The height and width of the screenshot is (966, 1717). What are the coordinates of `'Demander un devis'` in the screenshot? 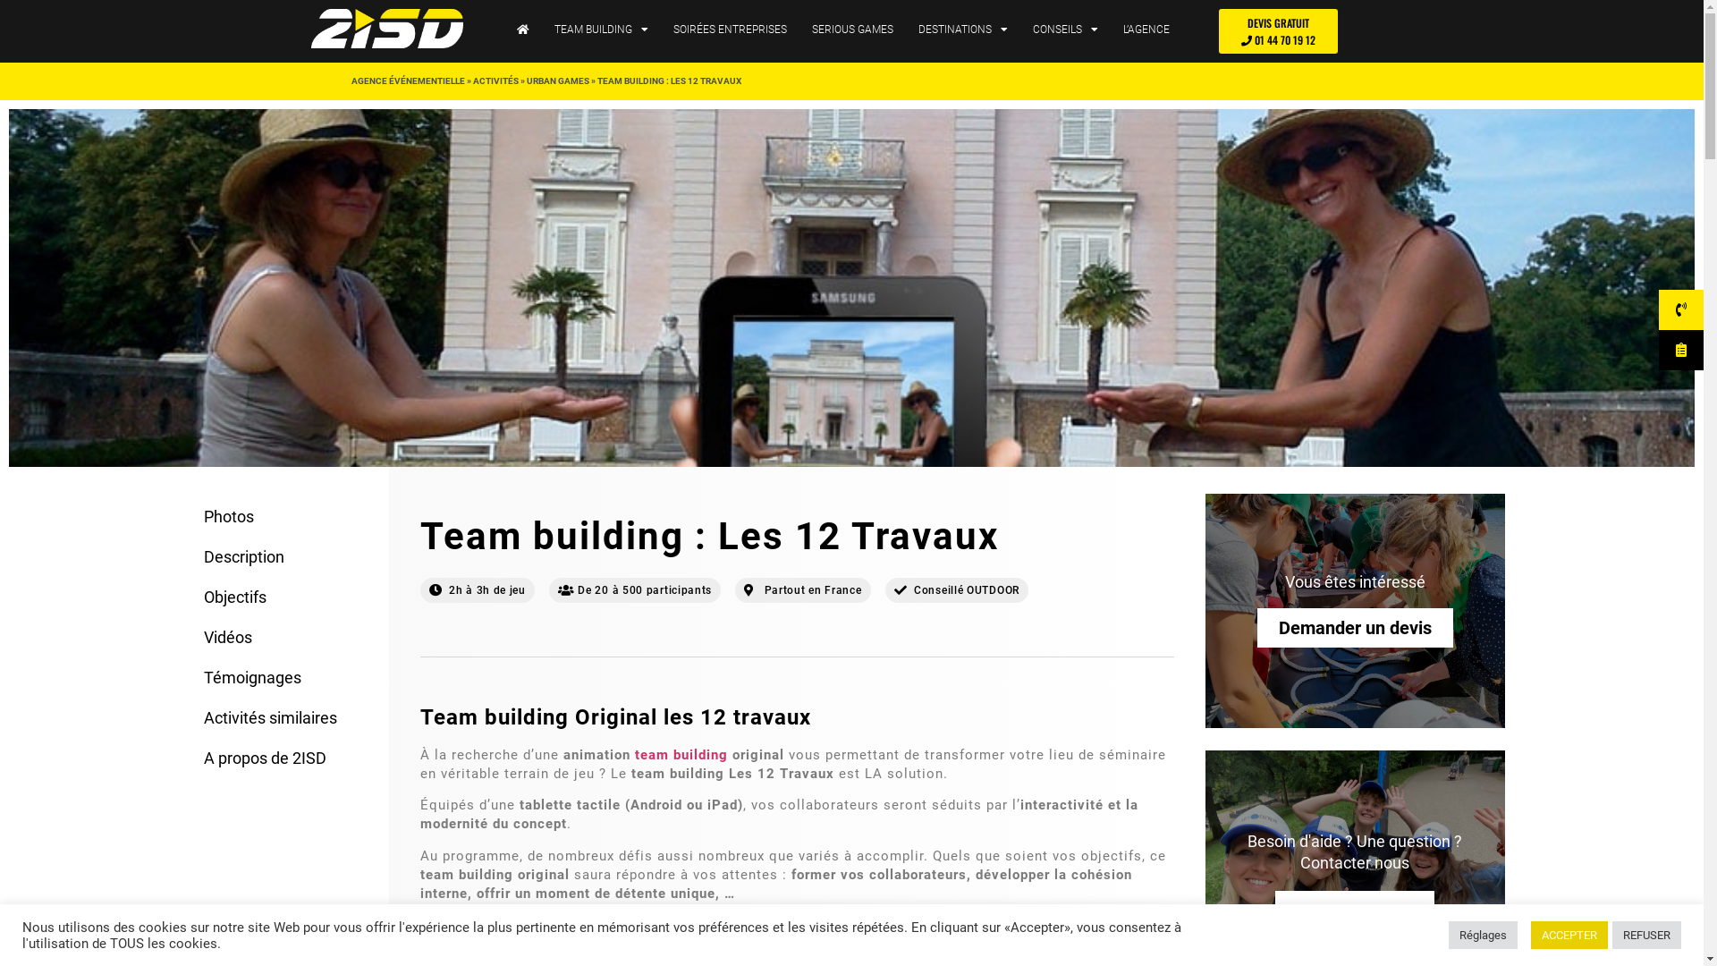 It's located at (1355, 627).